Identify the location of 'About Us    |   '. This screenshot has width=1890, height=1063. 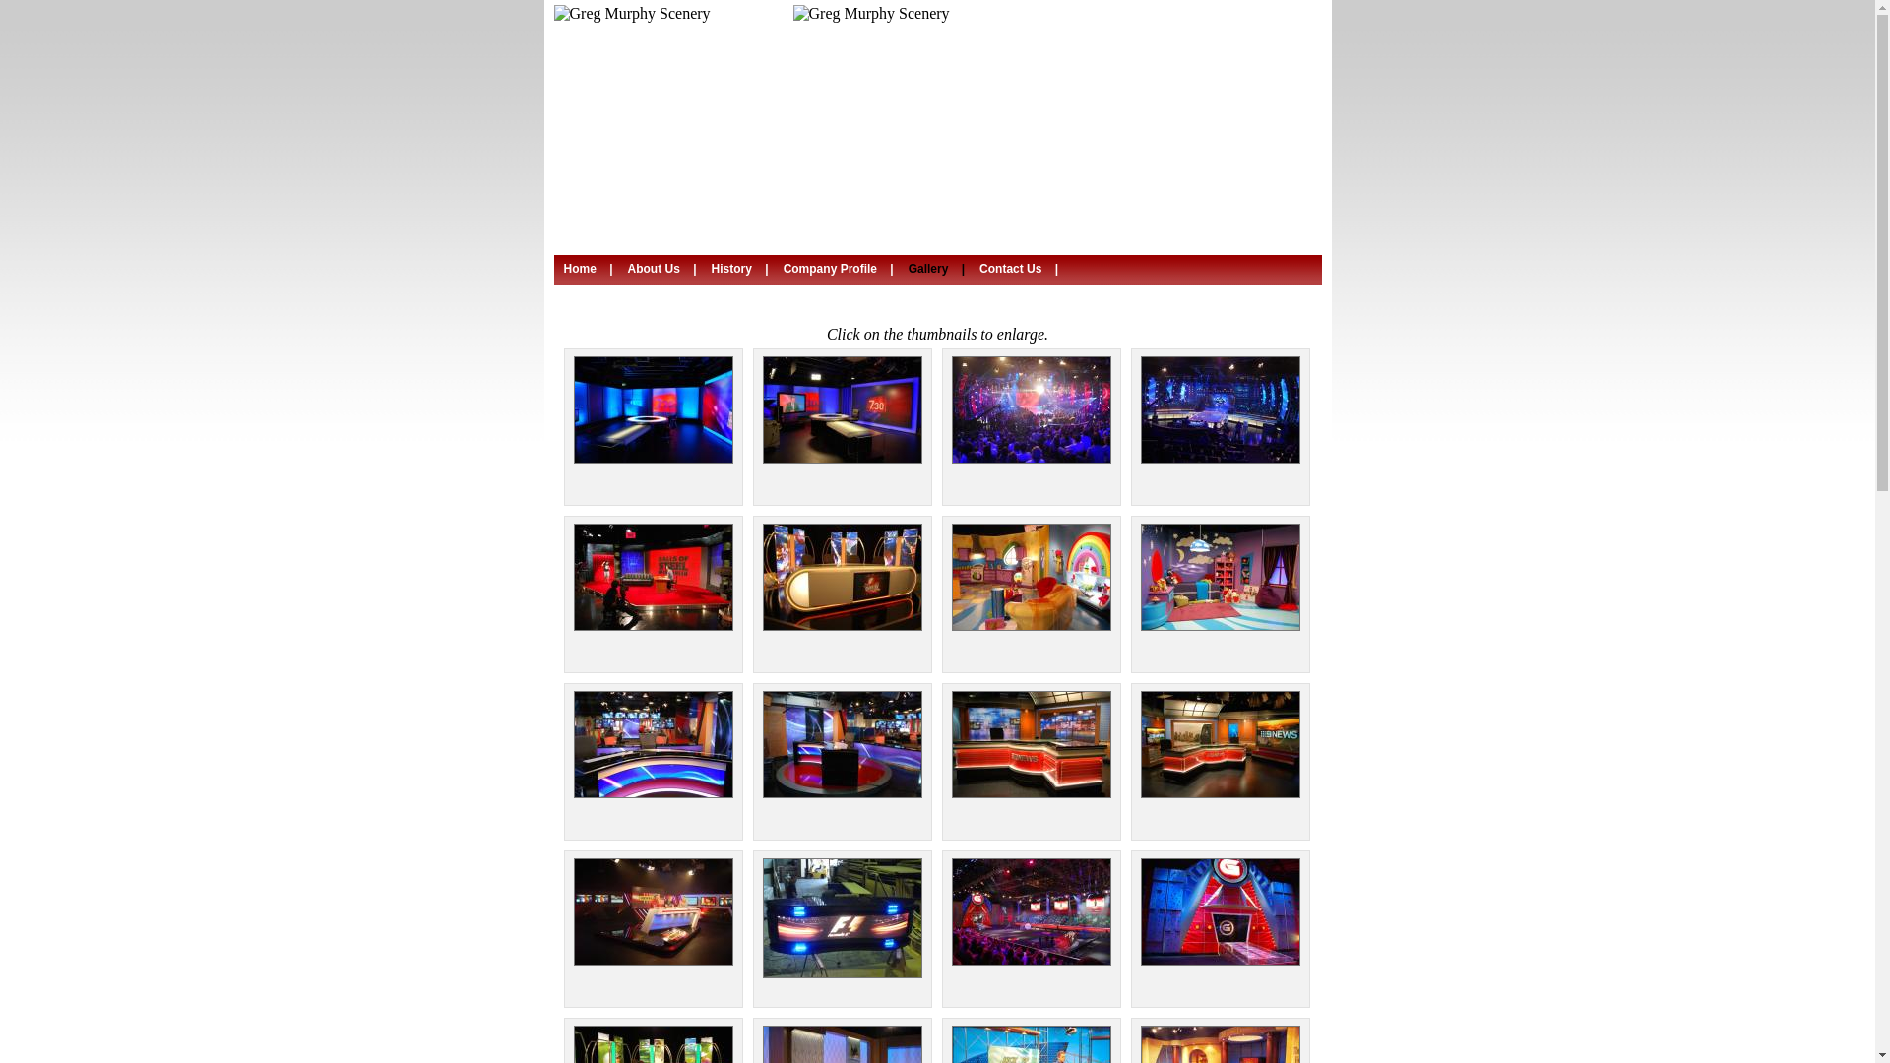
(664, 269).